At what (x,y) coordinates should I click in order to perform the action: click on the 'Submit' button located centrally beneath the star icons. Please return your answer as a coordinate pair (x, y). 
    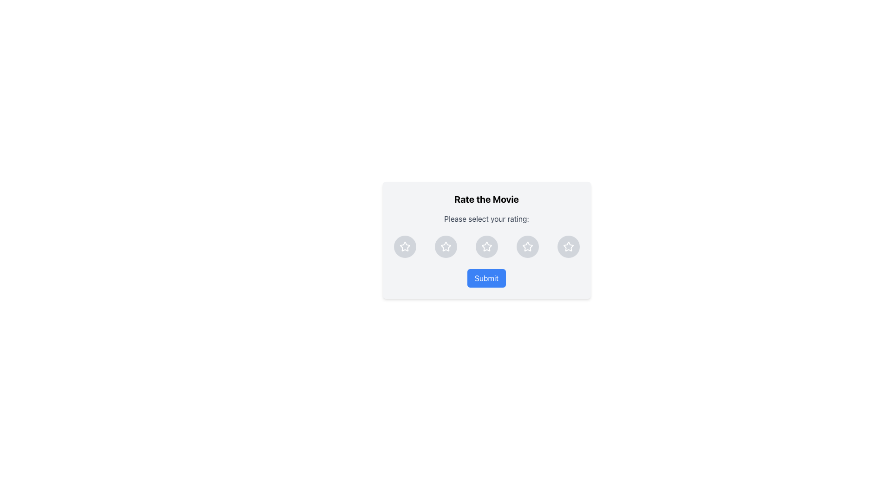
    Looking at the image, I should click on (486, 278).